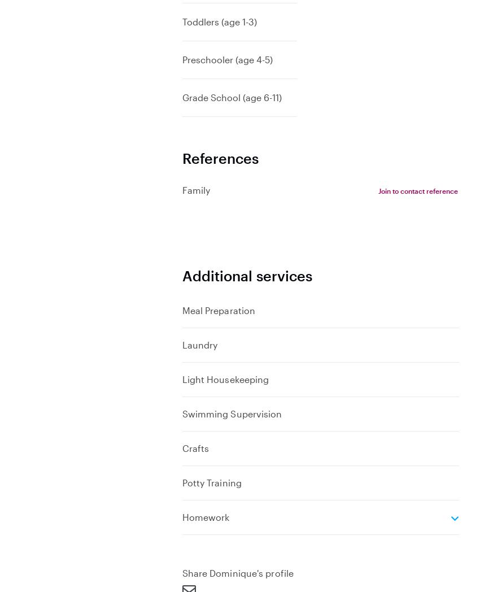  I want to click on 'Homework', so click(204, 516).